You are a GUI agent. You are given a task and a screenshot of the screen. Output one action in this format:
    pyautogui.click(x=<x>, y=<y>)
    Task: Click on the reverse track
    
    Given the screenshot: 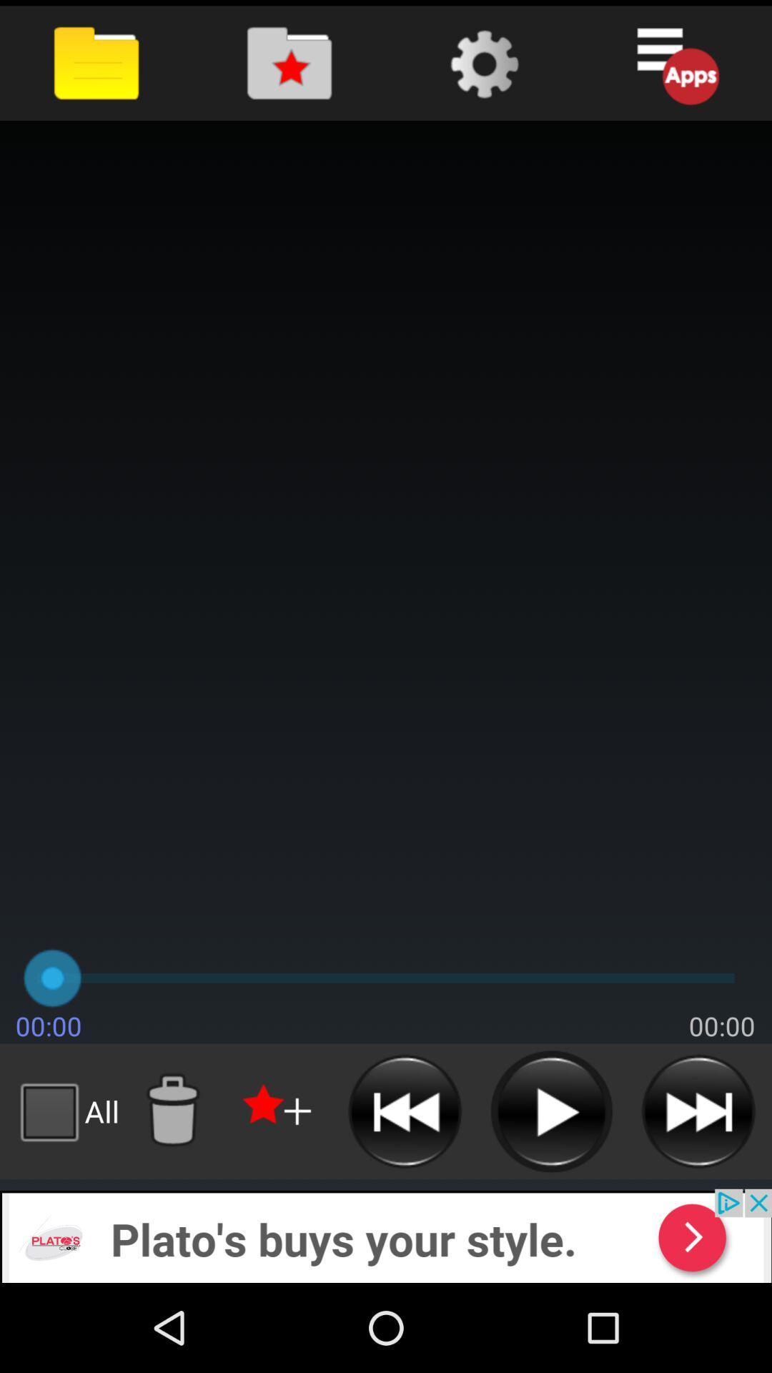 What is the action you would take?
    pyautogui.click(x=405, y=1111)
    